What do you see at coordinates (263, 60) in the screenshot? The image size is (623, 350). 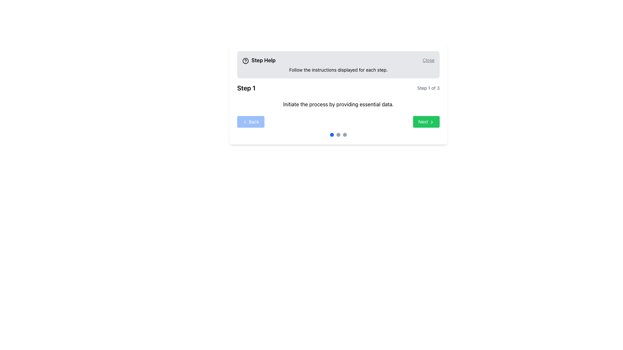 I see `text displayed as 'Step Help' located in the top-left corner of the rectangular gray bar, to the right of the circular help icon` at bounding box center [263, 60].